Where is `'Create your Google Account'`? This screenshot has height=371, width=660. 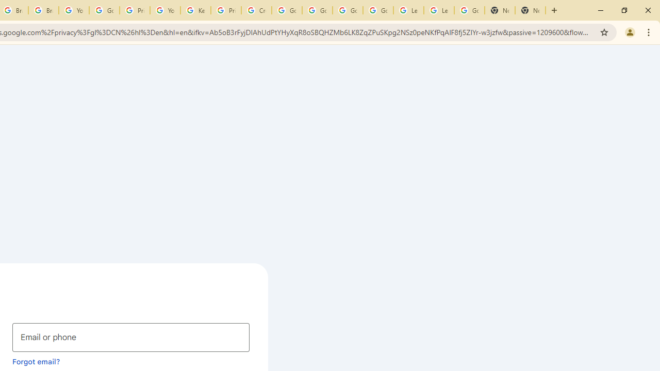 'Create your Google Account' is located at coordinates (256, 10).